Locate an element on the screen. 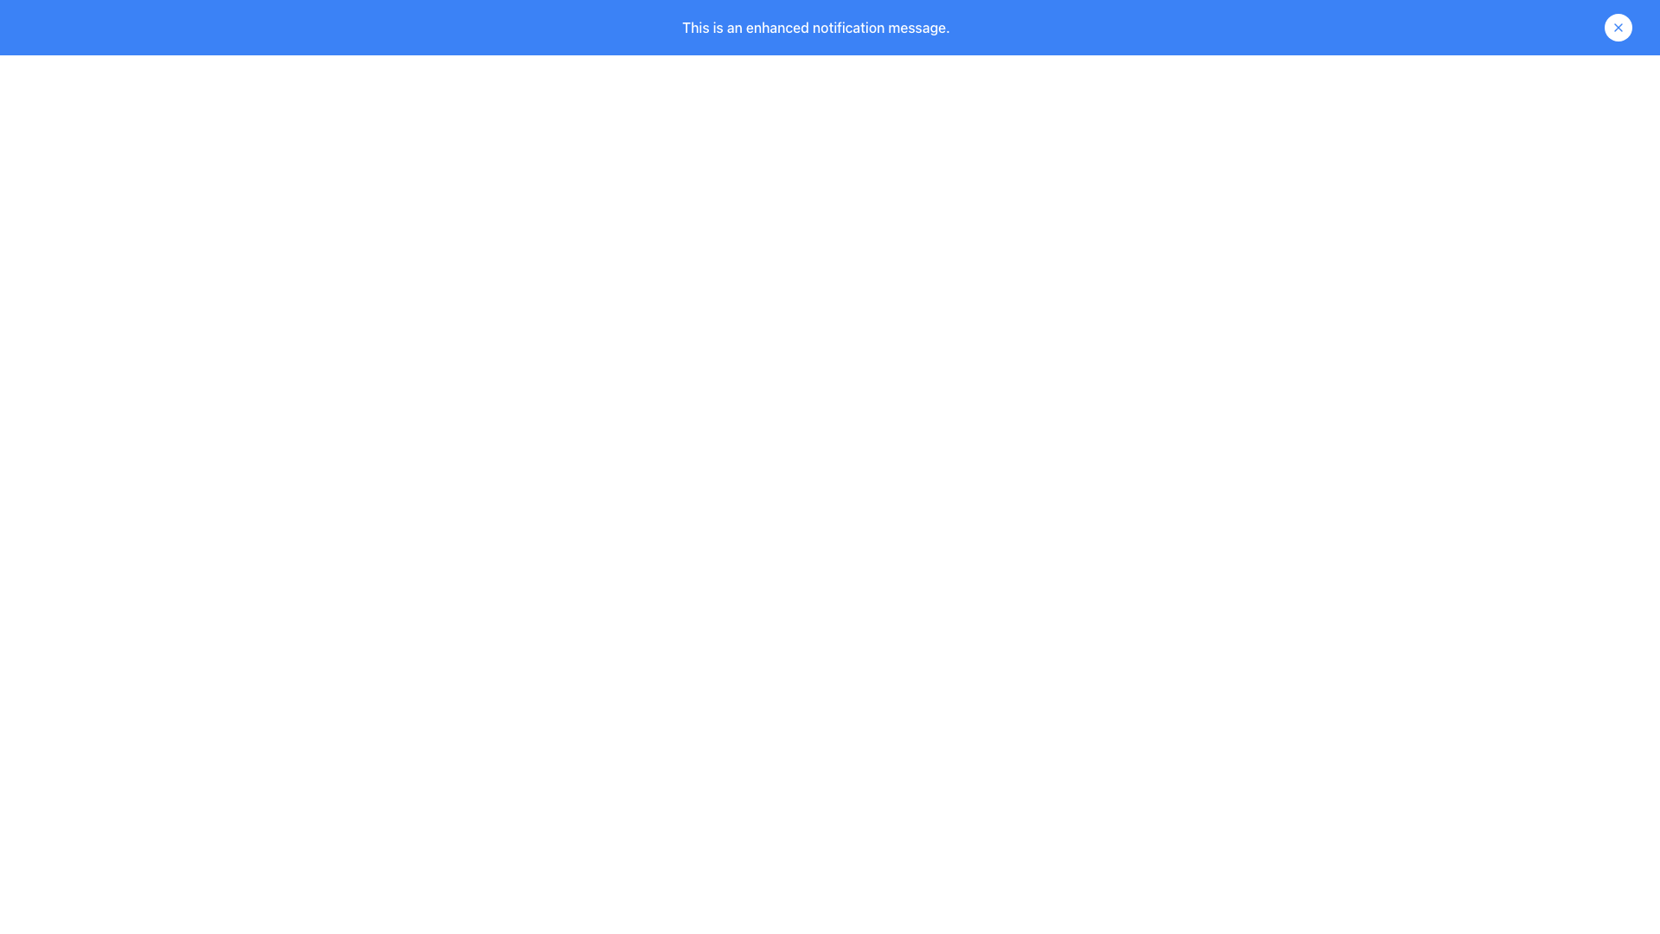  the text label displaying 'This is an enhanced notification message.' located in the top horizontal blue notification banner is located at coordinates (815, 27).